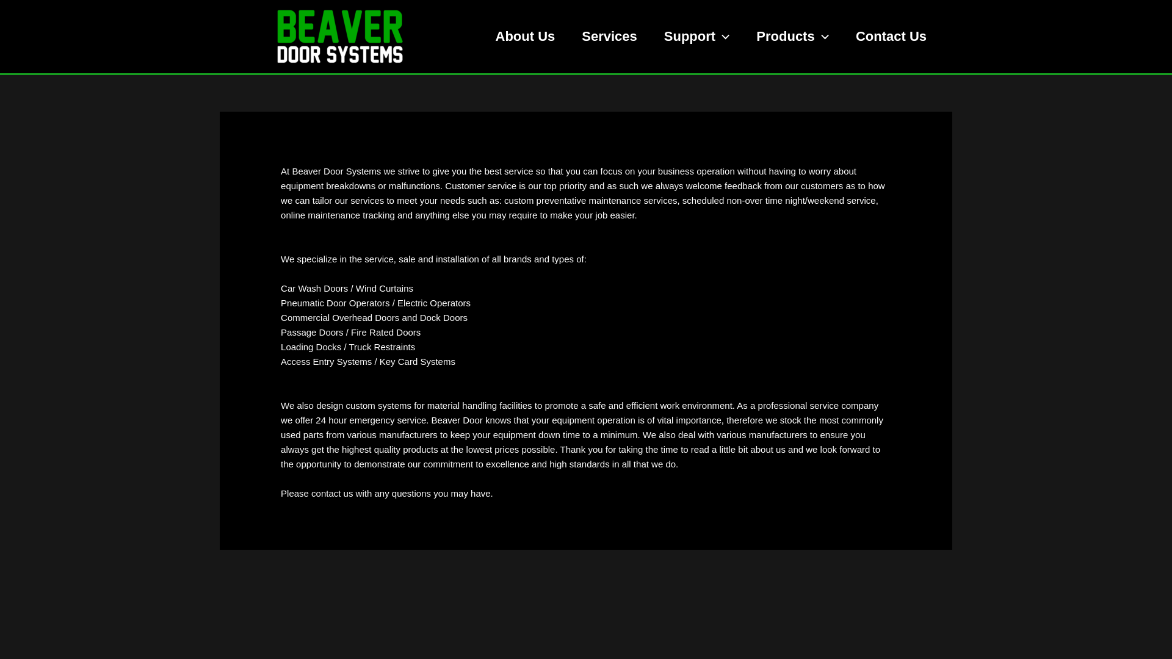  Describe the element at coordinates (891, 36) in the screenshot. I see `'Contact Us'` at that location.